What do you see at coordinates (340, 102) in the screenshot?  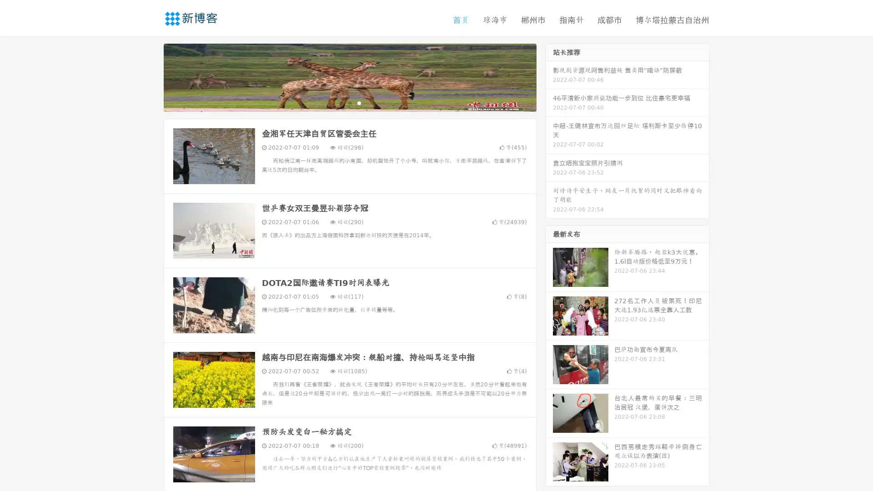 I see `Go to slide 1` at bounding box center [340, 102].